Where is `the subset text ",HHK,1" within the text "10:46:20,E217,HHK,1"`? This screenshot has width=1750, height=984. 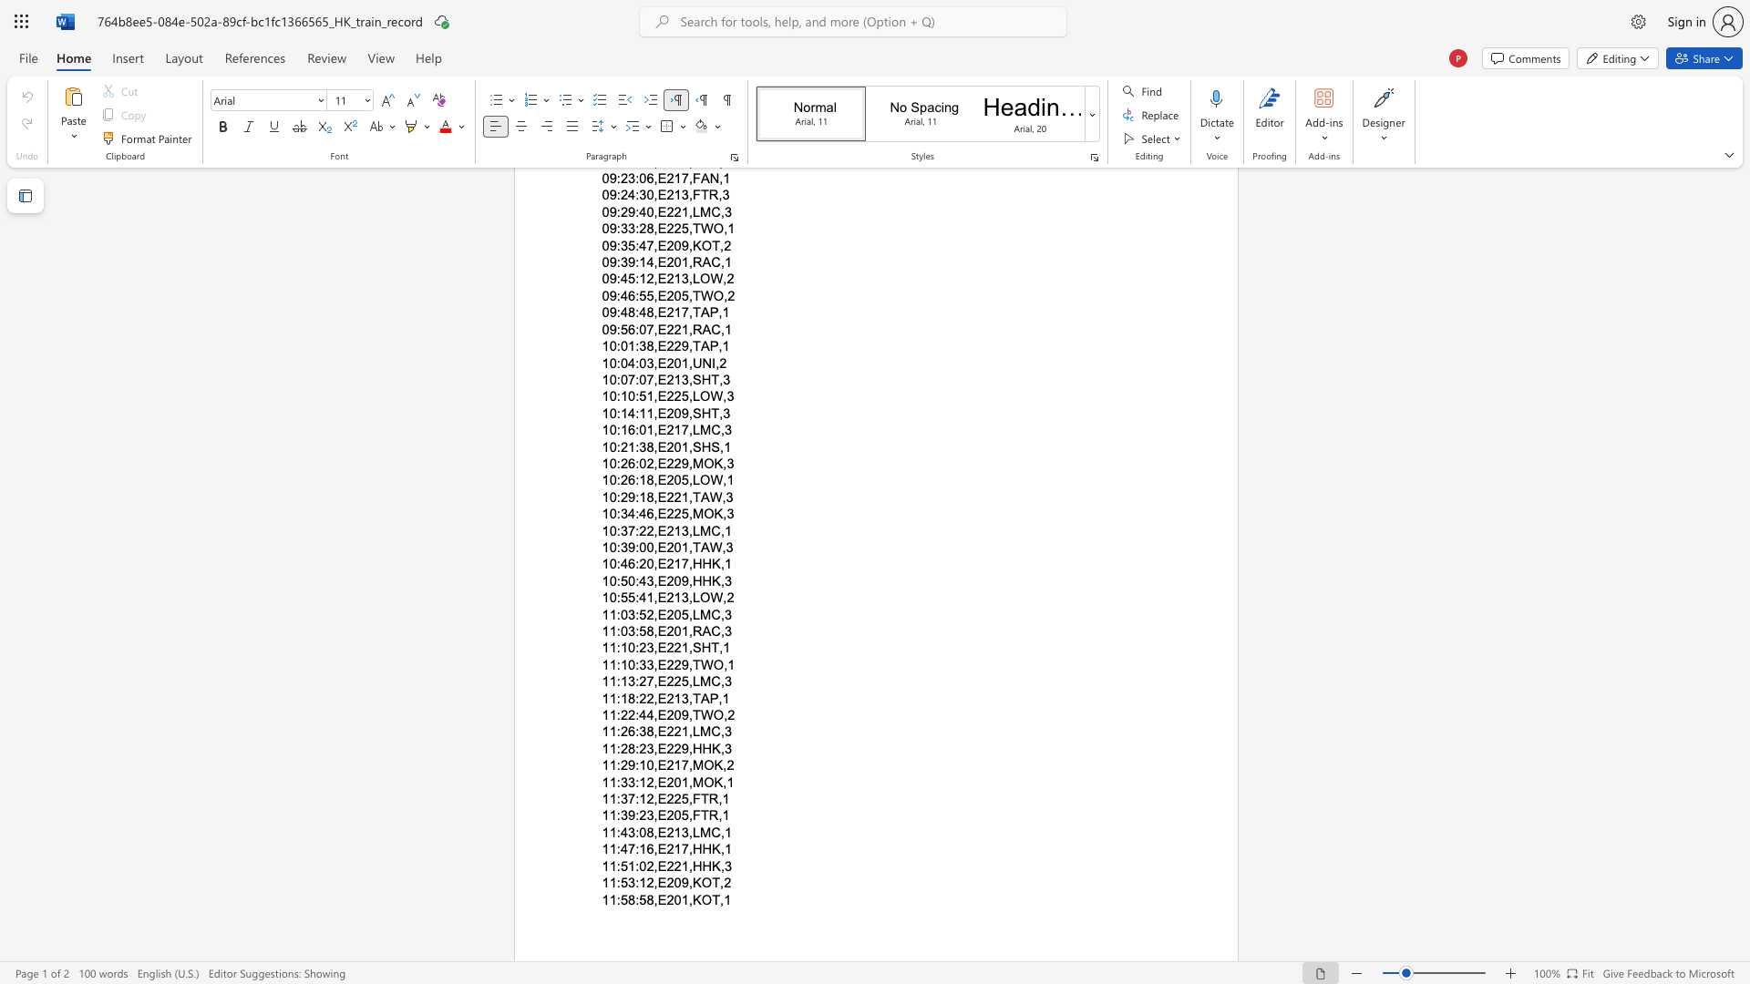
the subset text ",HHK,1" within the text "10:46:20,E217,HHK,1" is located at coordinates (687, 563).